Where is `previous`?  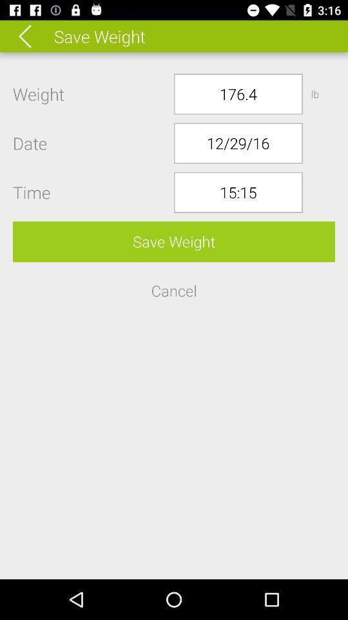 previous is located at coordinates (34, 36).